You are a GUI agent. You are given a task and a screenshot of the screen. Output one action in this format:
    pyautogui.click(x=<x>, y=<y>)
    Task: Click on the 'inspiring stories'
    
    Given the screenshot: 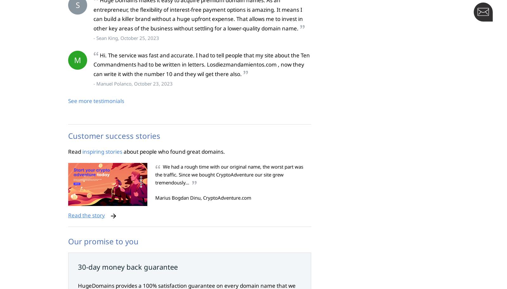 What is the action you would take?
    pyautogui.click(x=102, y=151)
    